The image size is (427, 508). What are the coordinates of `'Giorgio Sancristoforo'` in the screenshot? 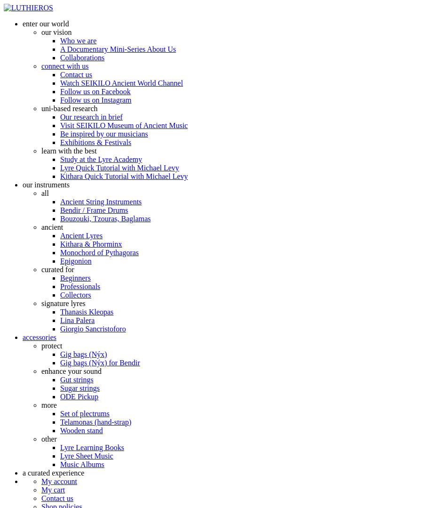 It's located at (93, 329).